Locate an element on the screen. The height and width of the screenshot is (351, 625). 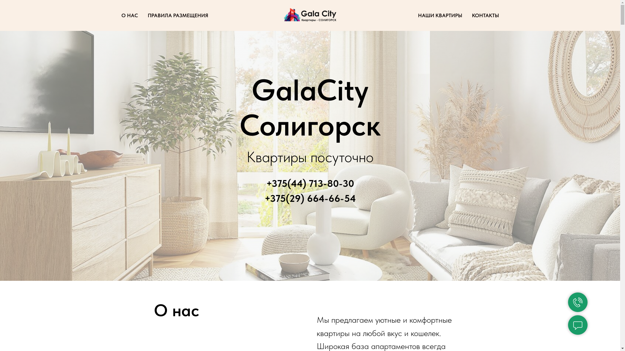
'+375(44) 713-80-30' is located at coordinates (310, 183).